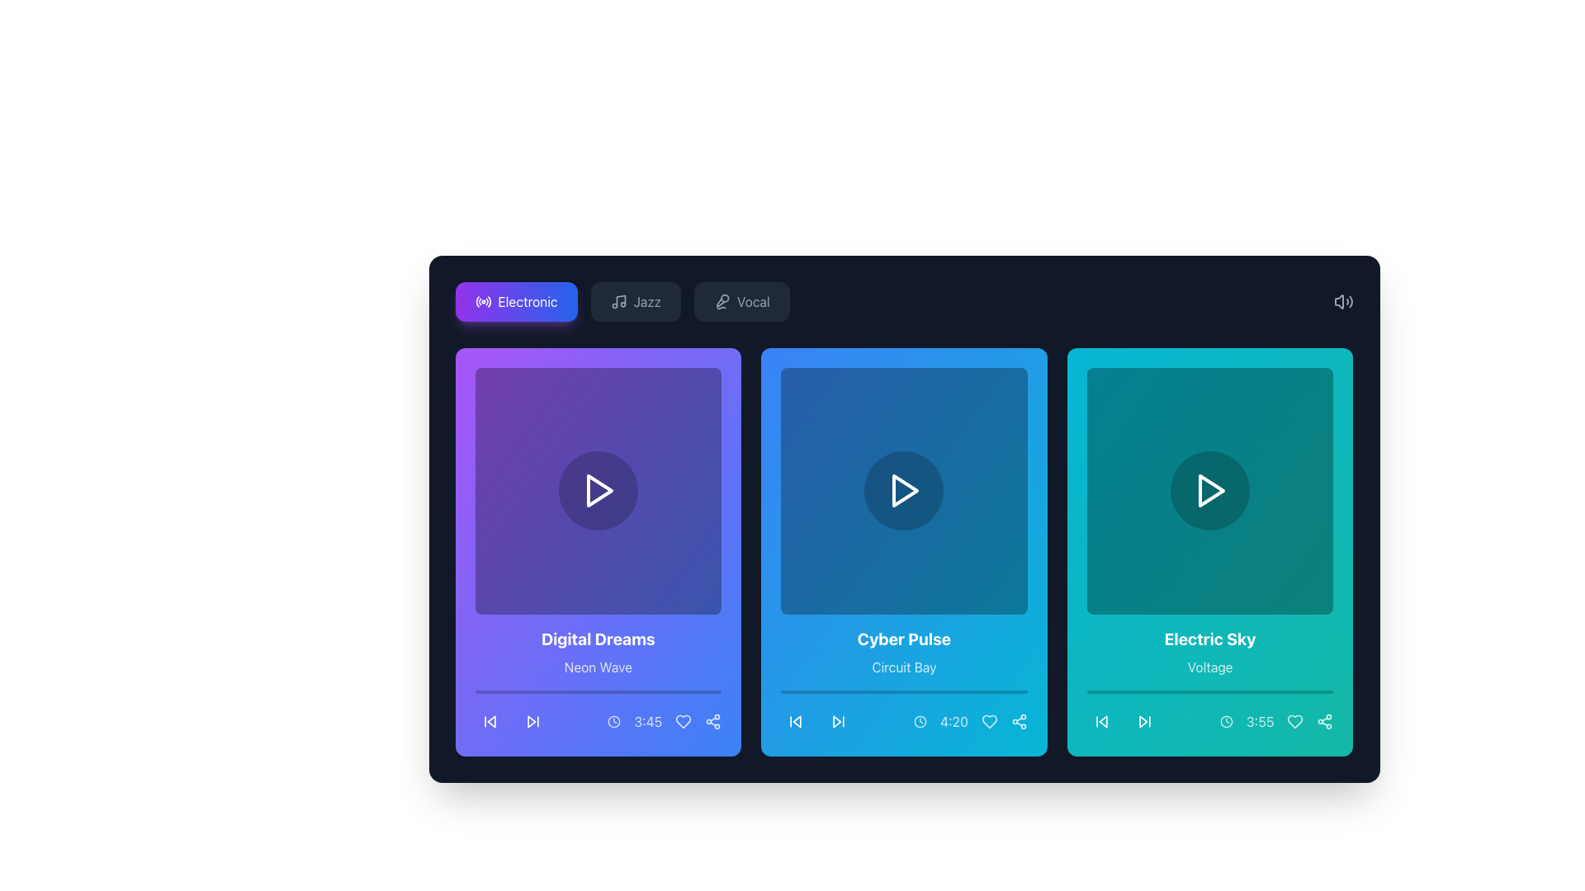  What do you see at coordinates (1212, 490) in the screenshot?
I see `the triangular play button icon with a white outline on a teal circular background located at the center of the 'Electric Sky' card` at bounding box center [1212, 490].